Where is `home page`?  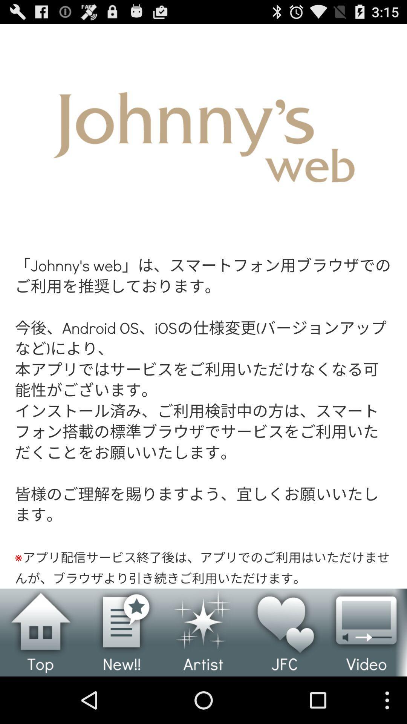
home page is located at coordinates (41, 632).